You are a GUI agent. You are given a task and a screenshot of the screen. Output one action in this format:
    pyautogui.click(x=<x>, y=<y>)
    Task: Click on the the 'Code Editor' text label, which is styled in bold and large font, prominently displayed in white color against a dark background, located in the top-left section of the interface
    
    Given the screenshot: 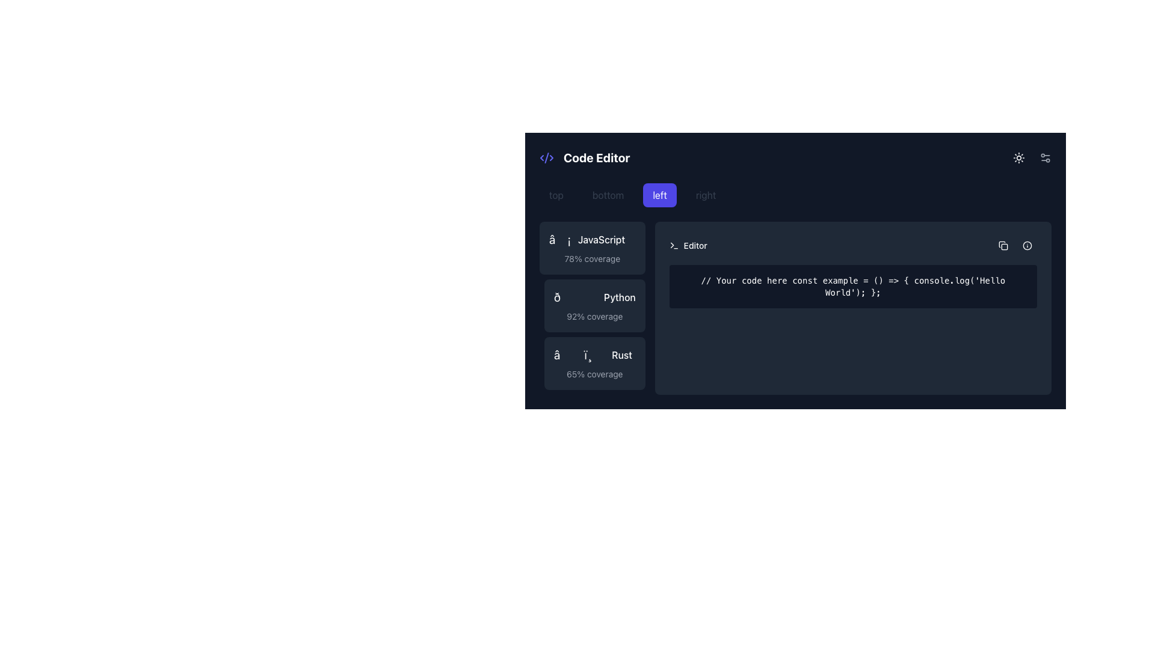 What is the action you would take?
    pyautogui.click(x=597, y=157)
    